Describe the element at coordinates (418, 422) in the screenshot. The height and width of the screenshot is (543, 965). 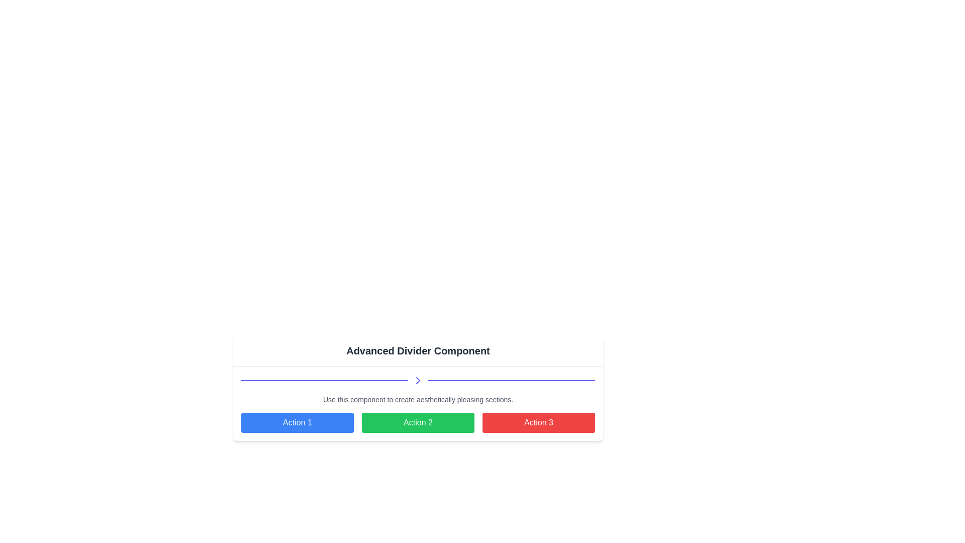
I see `the second button labeled 'Action 2' in the horizontal group` at that location.